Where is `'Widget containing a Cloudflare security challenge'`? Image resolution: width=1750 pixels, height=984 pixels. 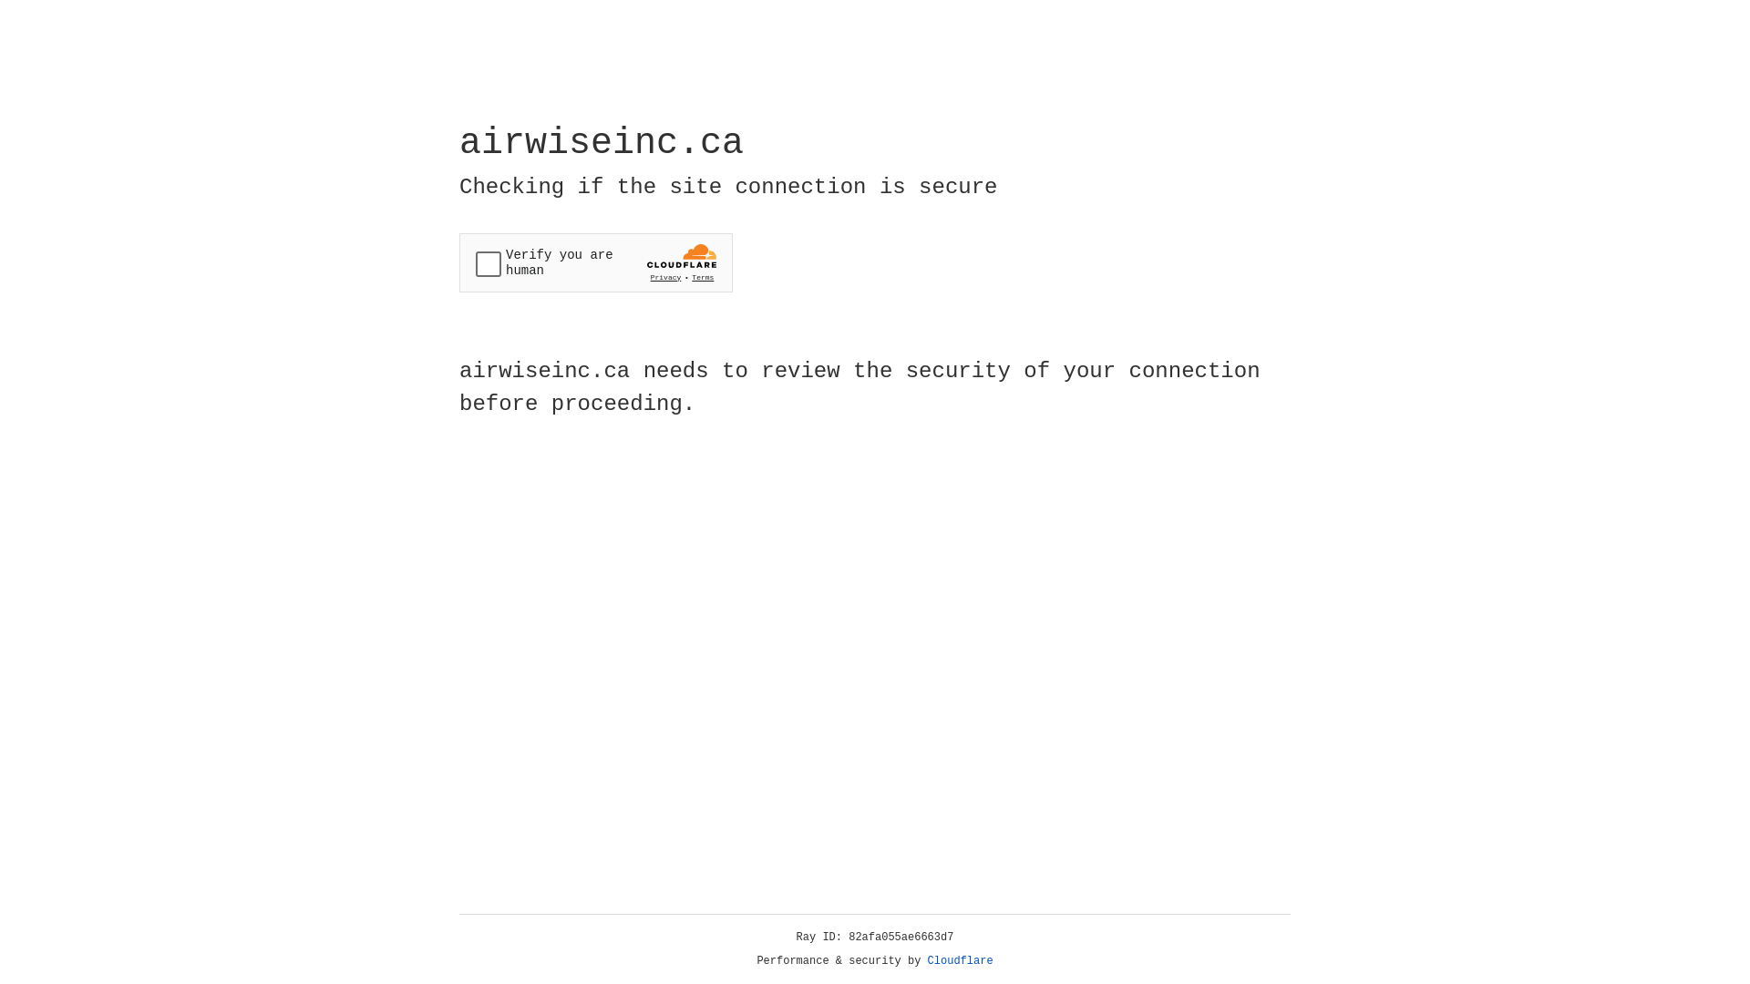 'Widget containing a Cloudflare security challenge' is located at coordinates (595, 262).